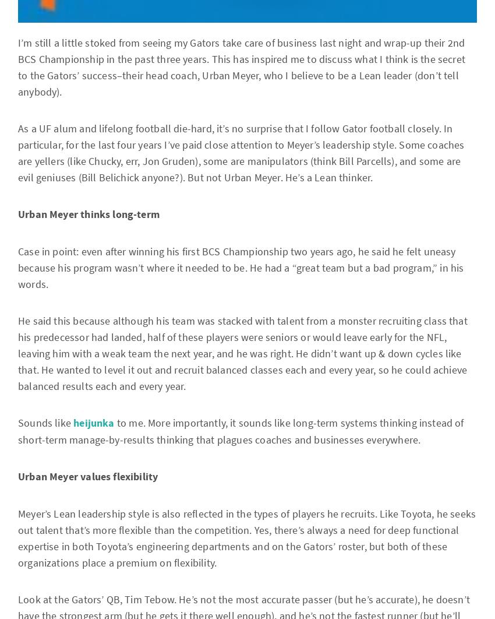 The image size is (495, 619). Describe the element at coordinates (246, 537) in the screenshot. I see `'Meyer’s Lean leadership style is also reflected in the types of players he recruits. Like Toyota, he seeks out talent that’s more flexible than the competition. Yes, there’s always a need for deep functional expertise in both Toyota’s engineering departments and on the Gators’ roster, but both of these organizations place a premium on flexibility.'` at that location.